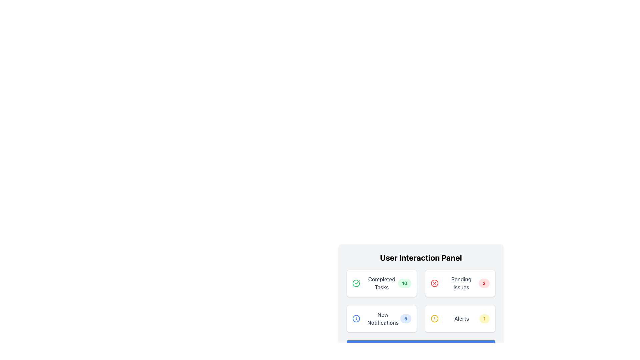 This screenshot has height=360, width=640. I want to click on the circular badge with a red background and white text displaying the number '2', which is positioned to the right of the 'Pending Issues' text, so click(484, 283).